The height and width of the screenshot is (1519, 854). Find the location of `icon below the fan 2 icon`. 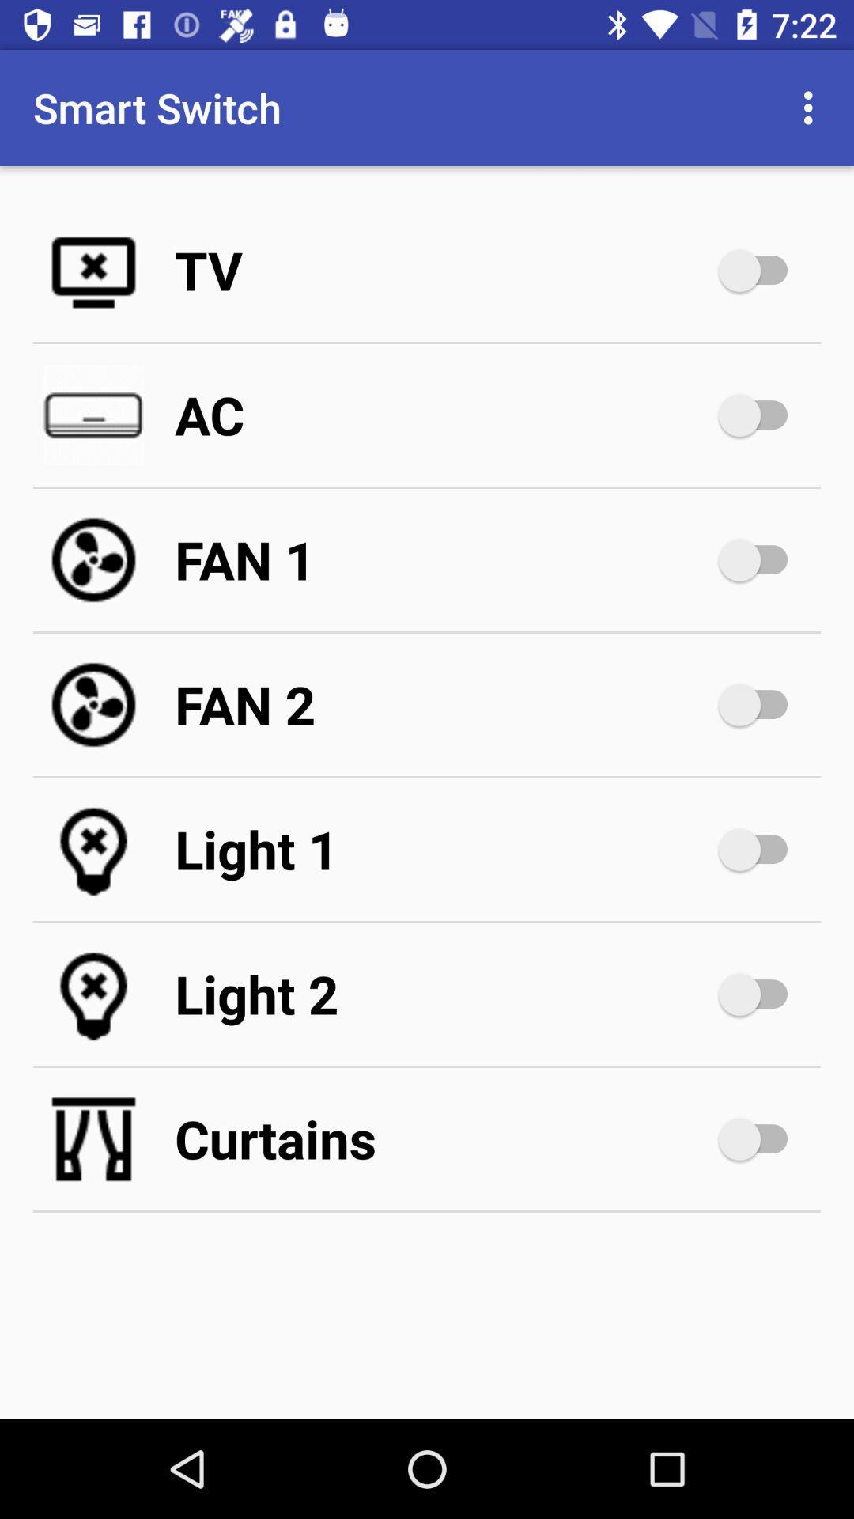

icon below the fan 2 icon is located at coordinates (443, 849).